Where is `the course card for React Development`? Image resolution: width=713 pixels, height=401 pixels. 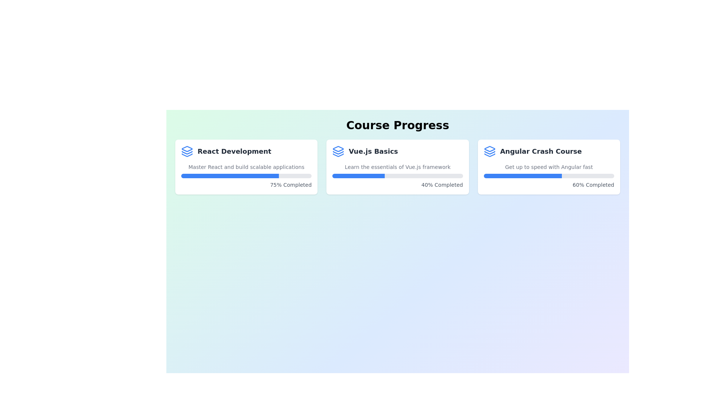
the course card for React Development is located at coordinates (246, 167).